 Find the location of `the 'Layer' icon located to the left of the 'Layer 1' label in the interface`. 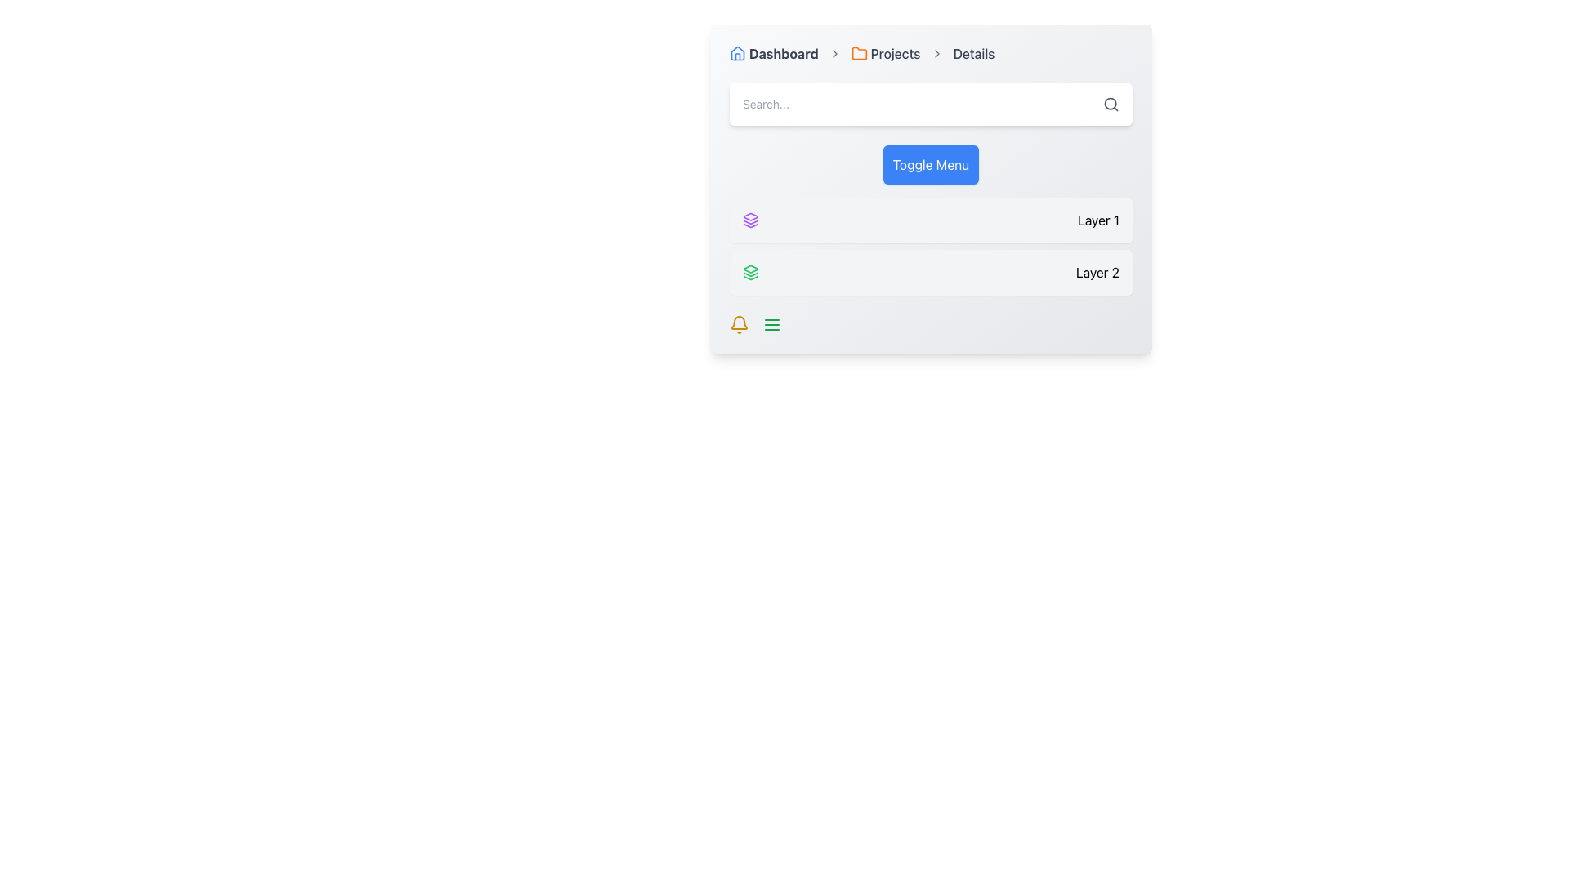

the 'Layer' icon located to the left of the 'Layer 1' label in the interface is located at coordinates (749, 220).